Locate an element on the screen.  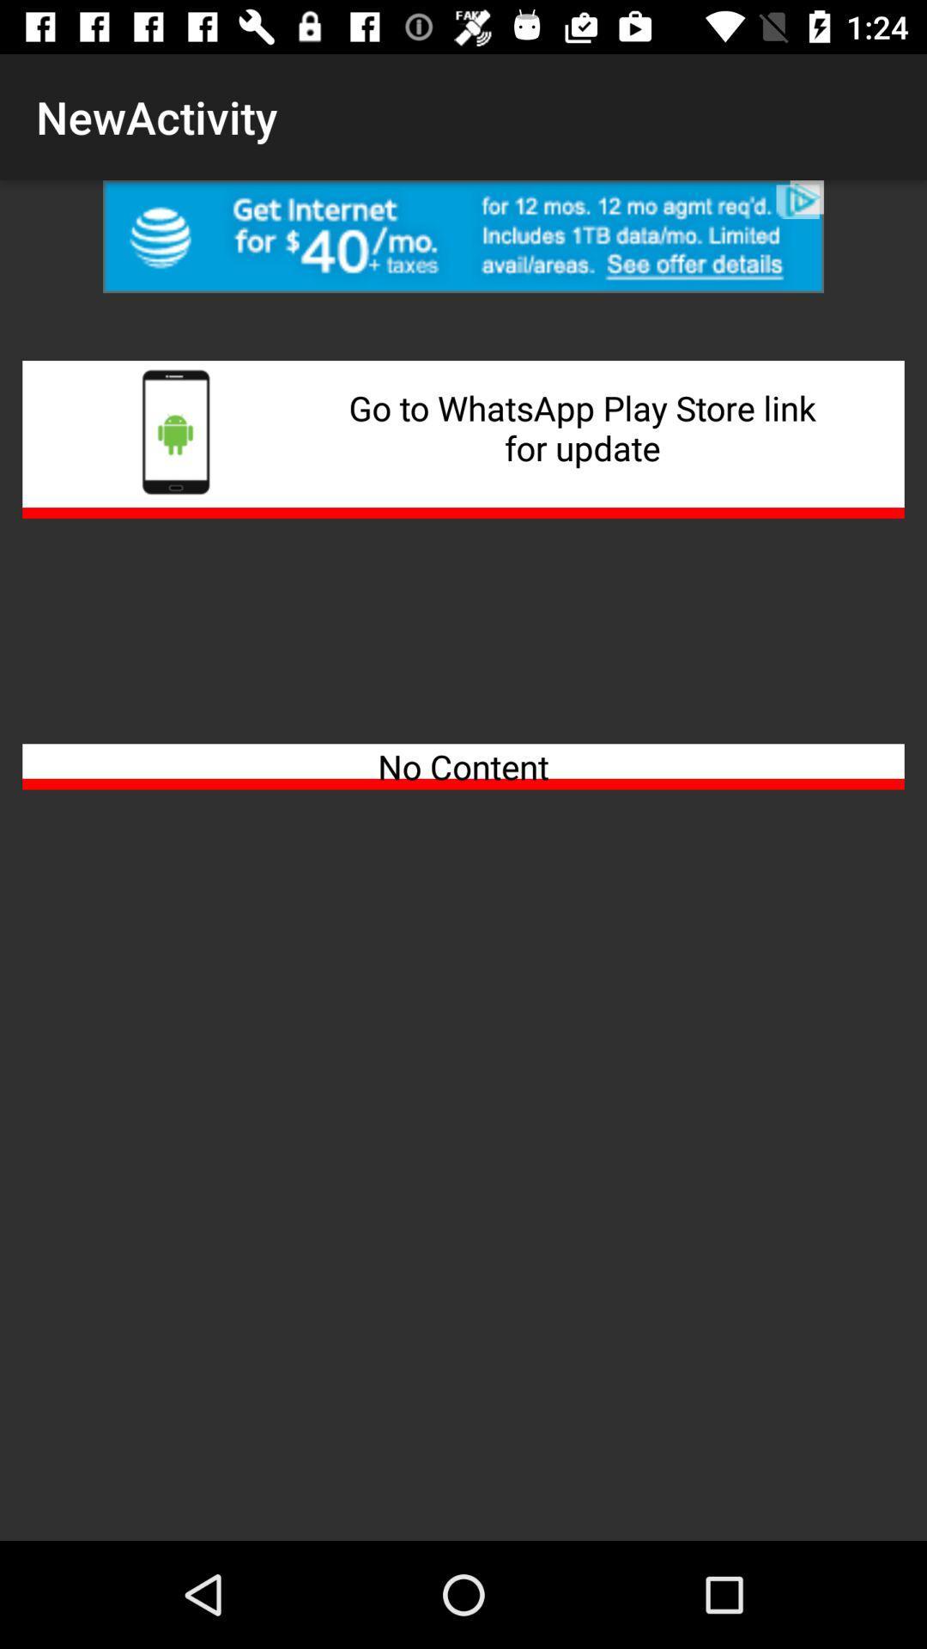
click advertisement is located at coordinates (463, 235).